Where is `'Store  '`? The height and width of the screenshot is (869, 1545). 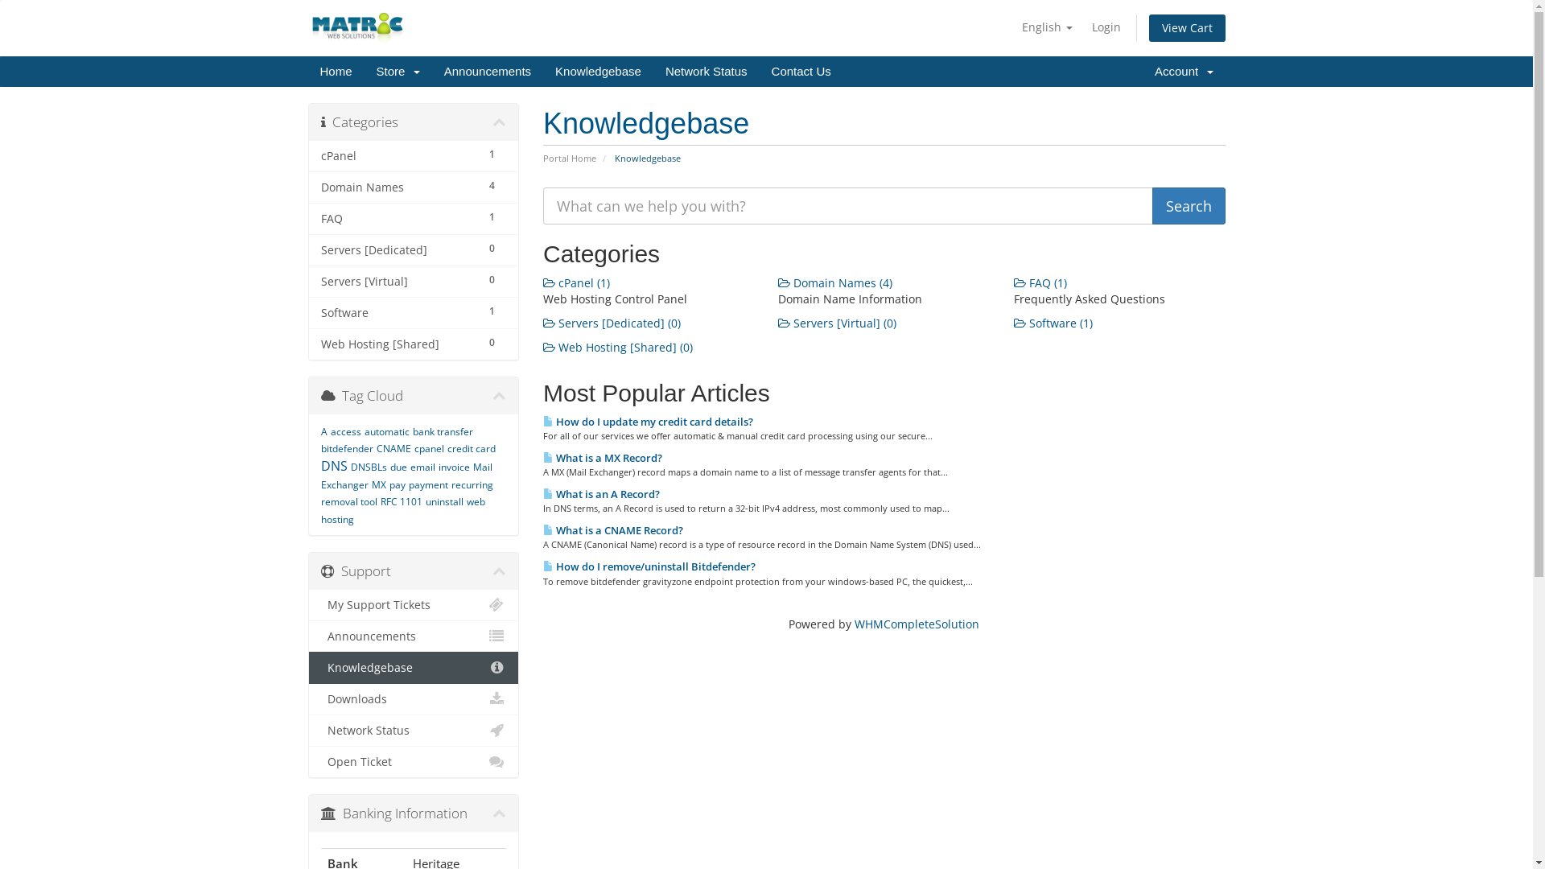
'Store  ' is located at coordinates (398, 70).